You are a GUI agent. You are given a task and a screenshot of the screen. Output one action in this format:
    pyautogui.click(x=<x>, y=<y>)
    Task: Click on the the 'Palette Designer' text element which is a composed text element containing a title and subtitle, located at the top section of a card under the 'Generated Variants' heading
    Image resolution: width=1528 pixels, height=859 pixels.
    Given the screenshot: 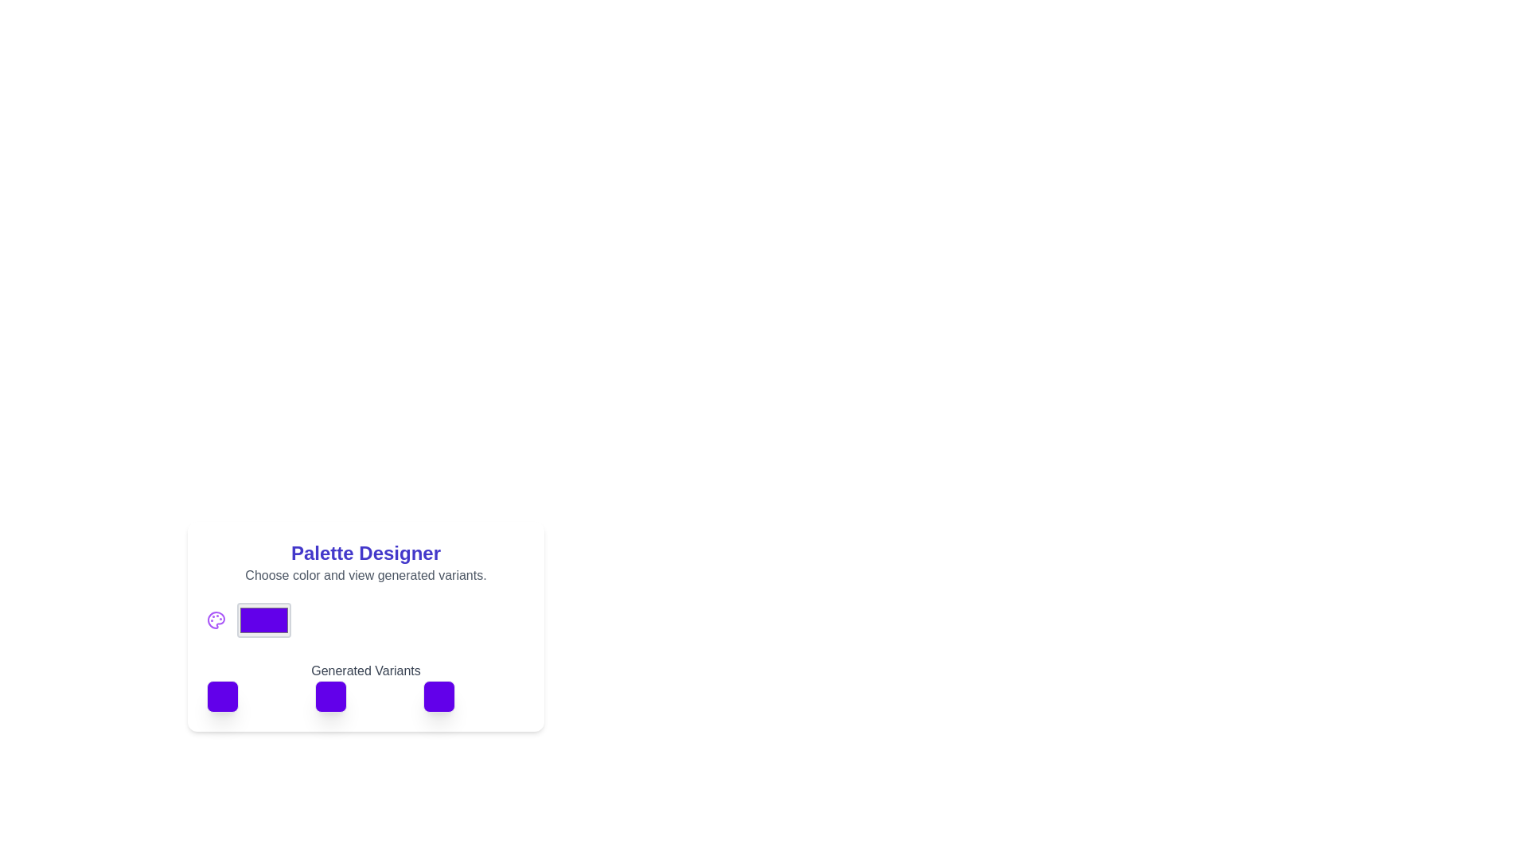 What is the action you would take?
    pyautogui.click(x=365, y=562)
    